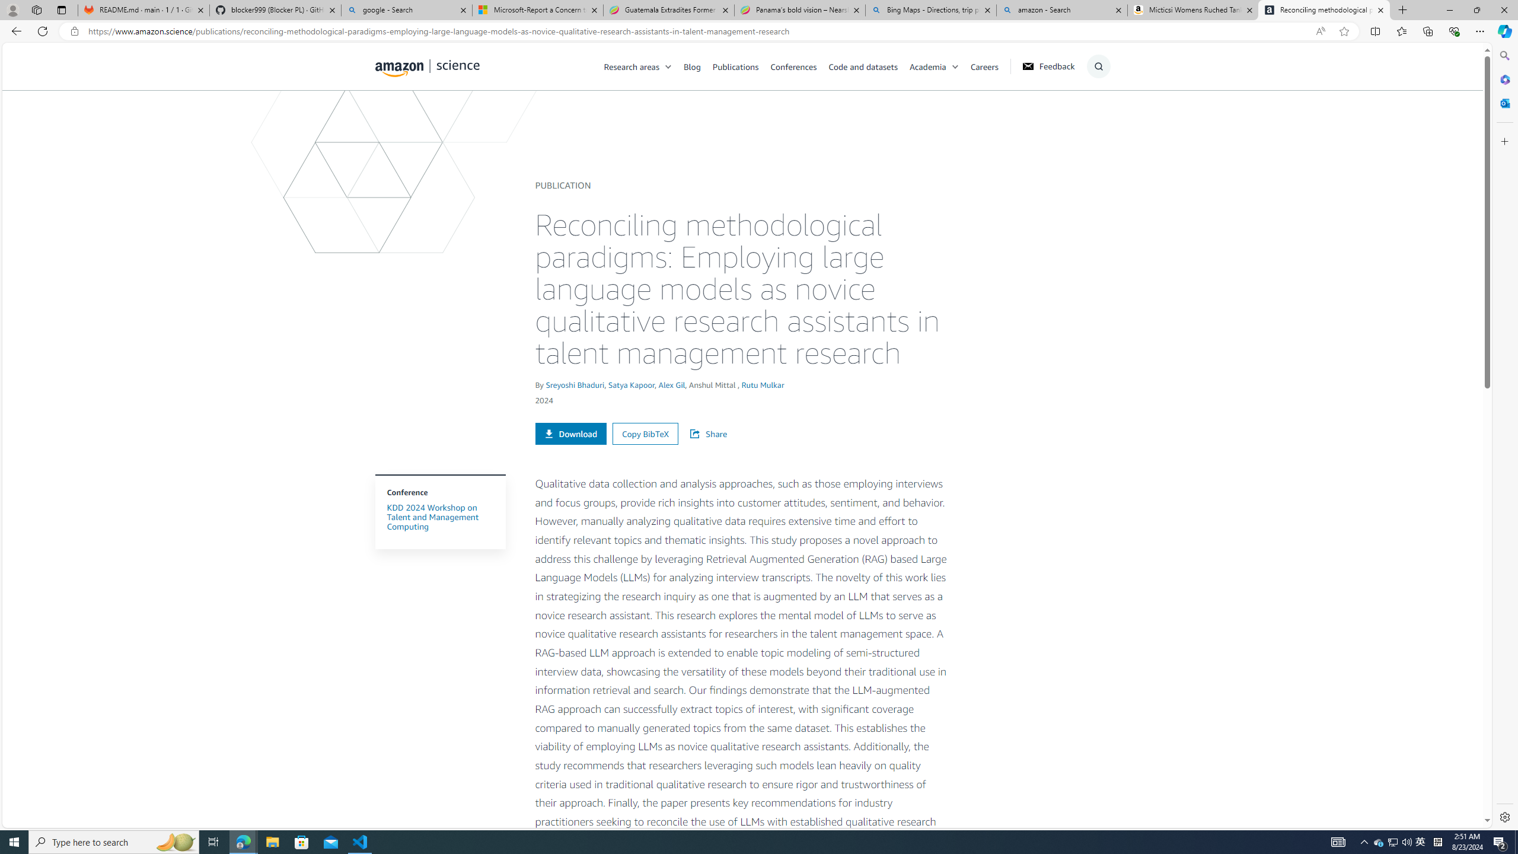  I want to click on 'Careers', so click(990, 66).